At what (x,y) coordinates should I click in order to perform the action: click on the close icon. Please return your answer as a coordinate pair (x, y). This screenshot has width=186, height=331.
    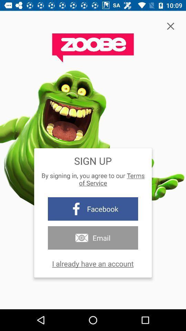
    Looking at the image, I should click on (170, 26).